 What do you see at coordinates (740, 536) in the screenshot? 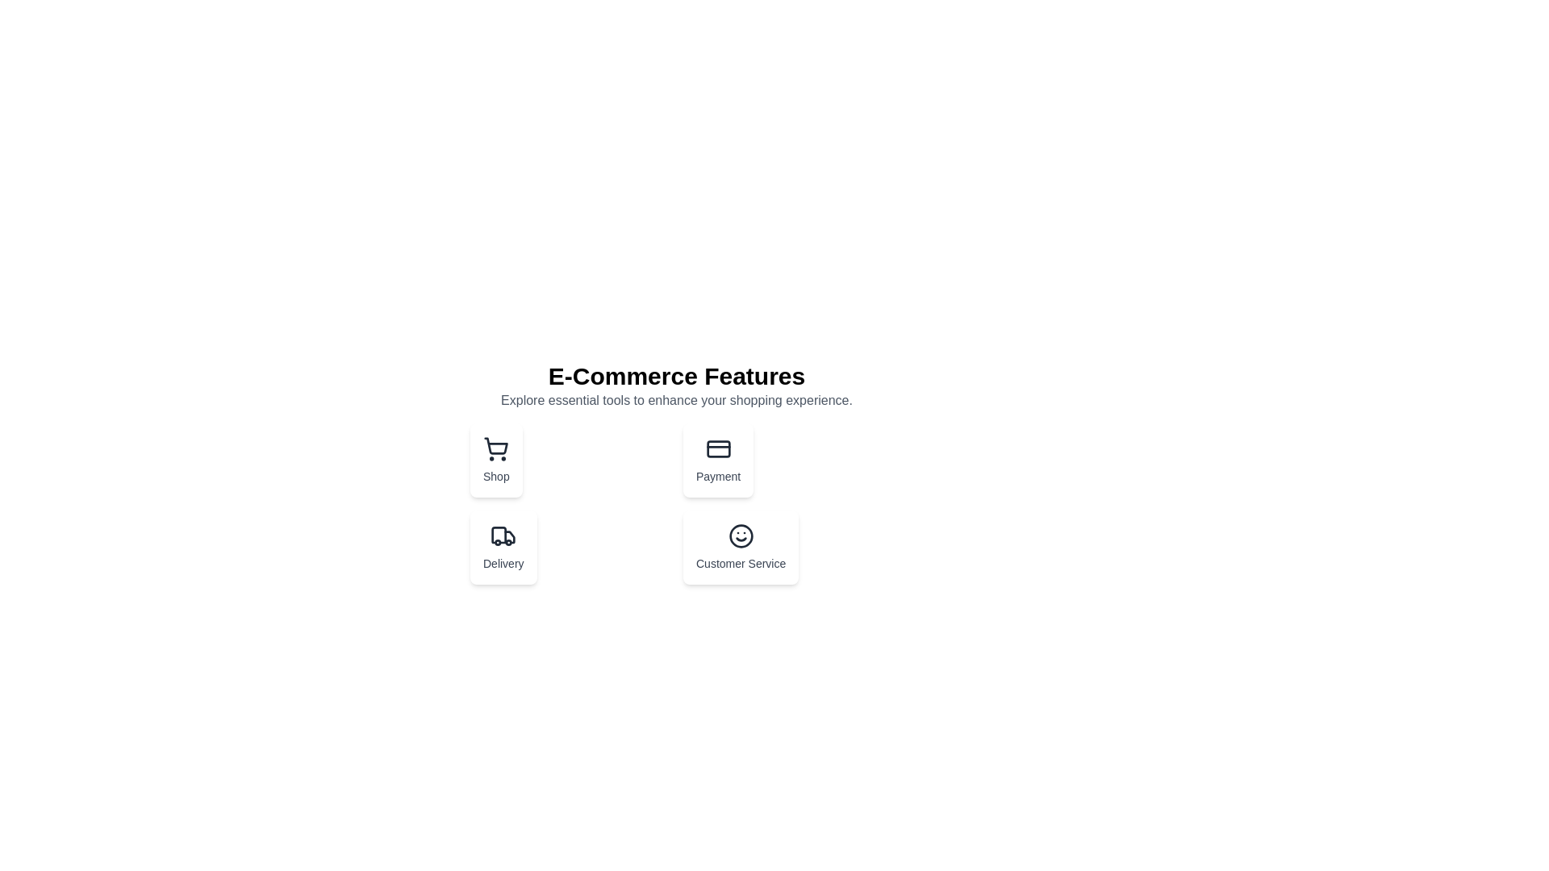
I see `the smiley face icon associated with the 'Customer Service' label, which is styled with a gray stroke and located in the right section of the grid layout` at bounding box center [740, 536].